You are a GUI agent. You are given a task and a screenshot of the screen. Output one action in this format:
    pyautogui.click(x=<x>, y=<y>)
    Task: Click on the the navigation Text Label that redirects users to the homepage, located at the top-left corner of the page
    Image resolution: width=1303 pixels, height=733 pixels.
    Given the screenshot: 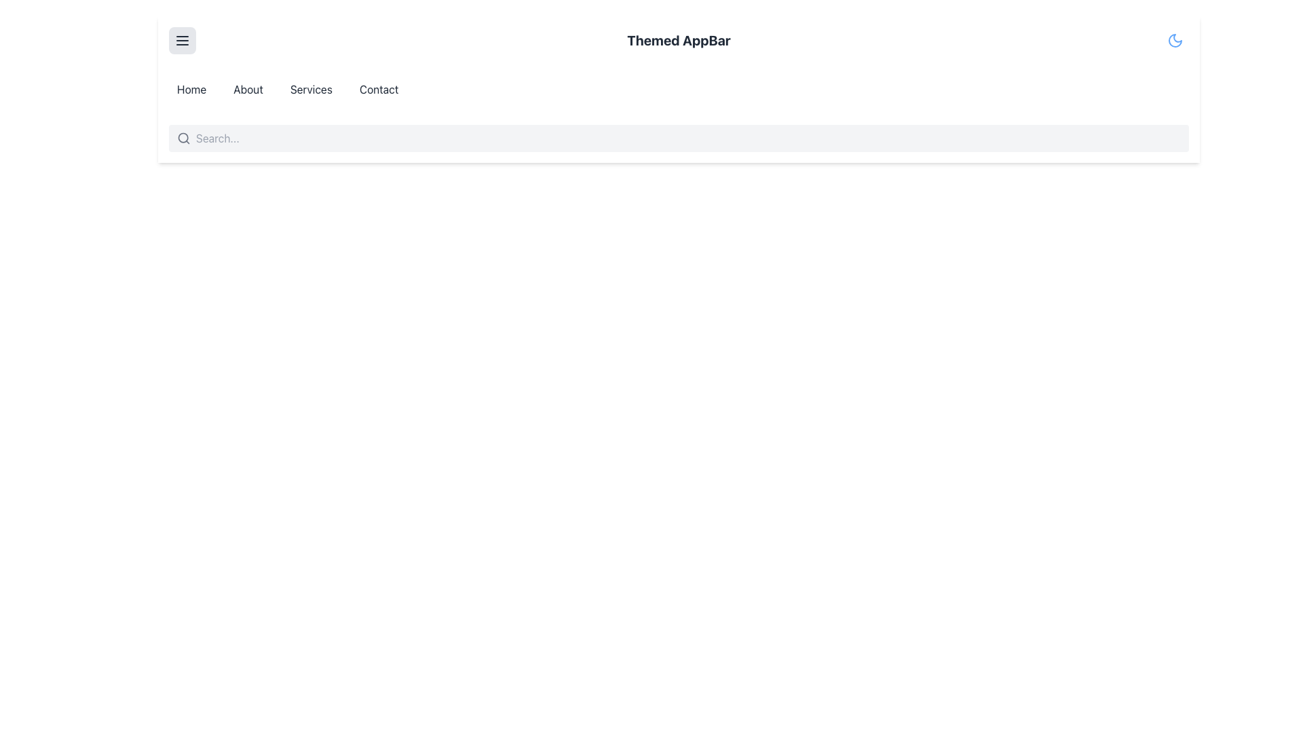 What is the action you would take?
    pyautogui.click(x=191, y=89)
    